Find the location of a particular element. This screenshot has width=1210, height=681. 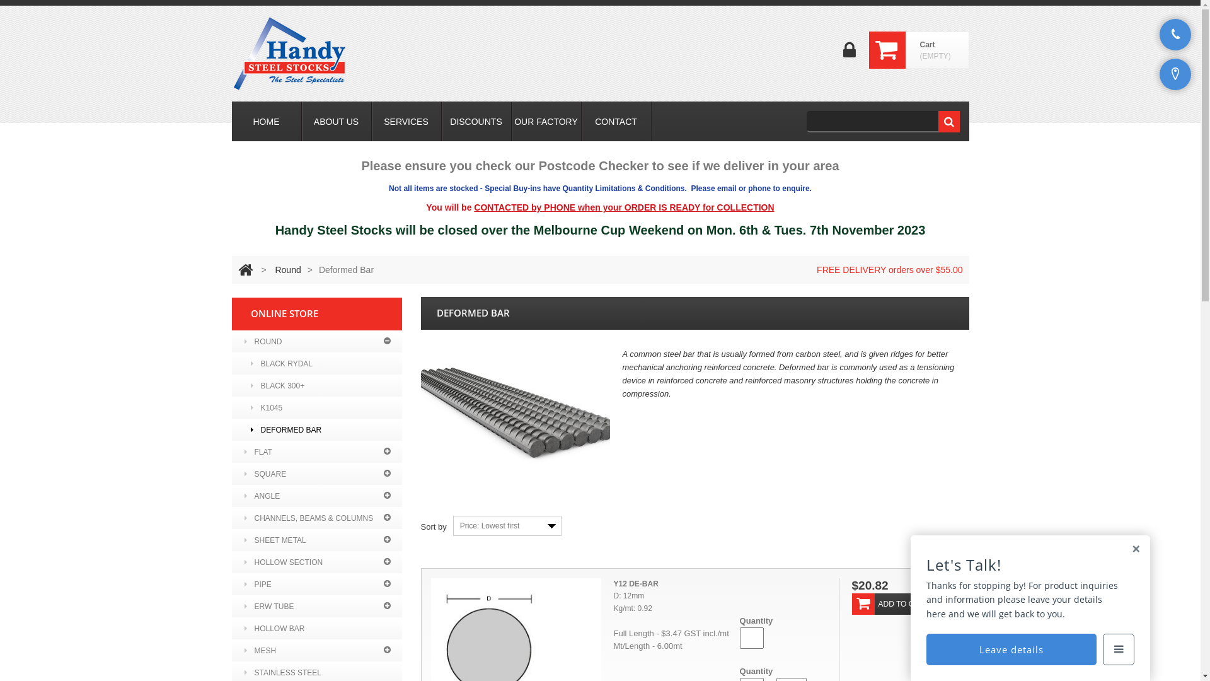

'K1045' is located at coordinates (317, 407).